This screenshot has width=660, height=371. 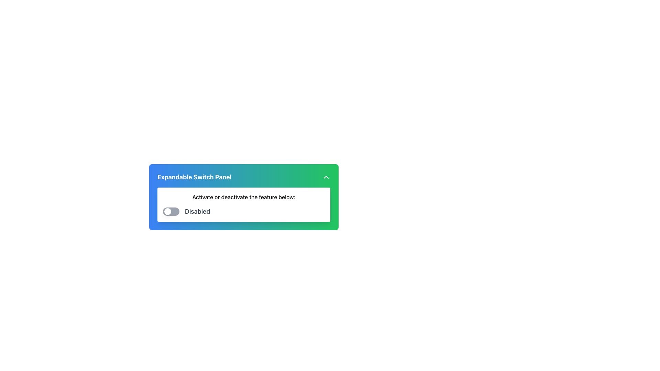 I want to click on the Text Label that identifies the purpose of the expandable panel component located at the top-left corner of the panel, so click(x=194, y=177).